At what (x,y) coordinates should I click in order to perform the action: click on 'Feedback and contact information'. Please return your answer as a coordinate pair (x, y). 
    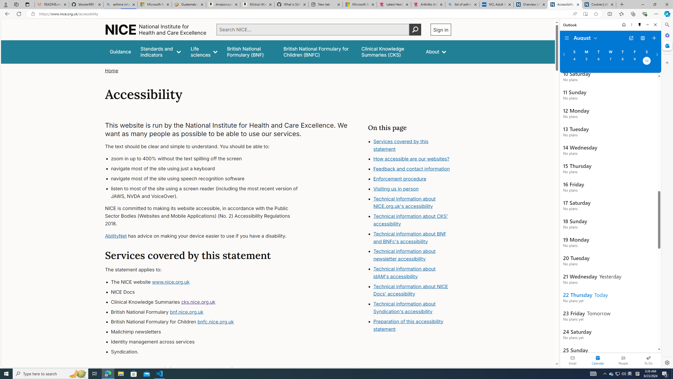
    Looking at the image, I should click on (412, 169).